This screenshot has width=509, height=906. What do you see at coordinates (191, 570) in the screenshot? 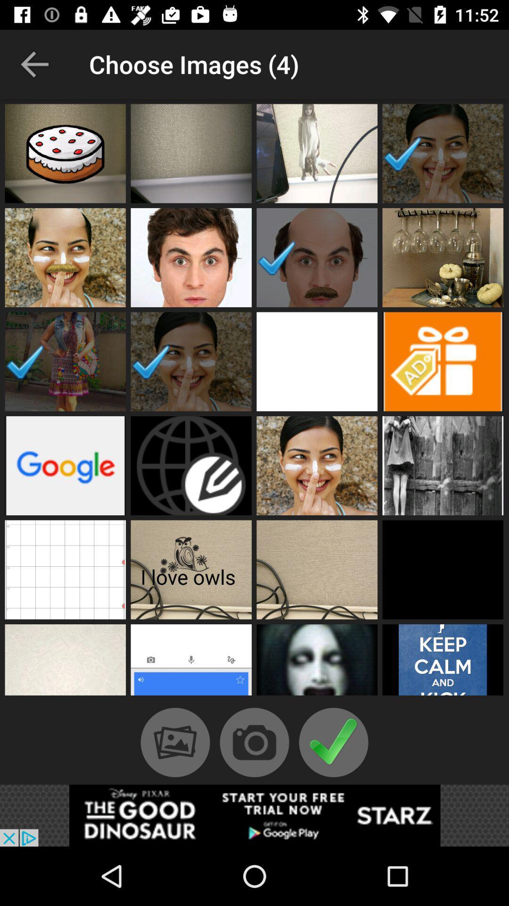
I see `the image having the text i love owls` at bounding box center [191, 570].